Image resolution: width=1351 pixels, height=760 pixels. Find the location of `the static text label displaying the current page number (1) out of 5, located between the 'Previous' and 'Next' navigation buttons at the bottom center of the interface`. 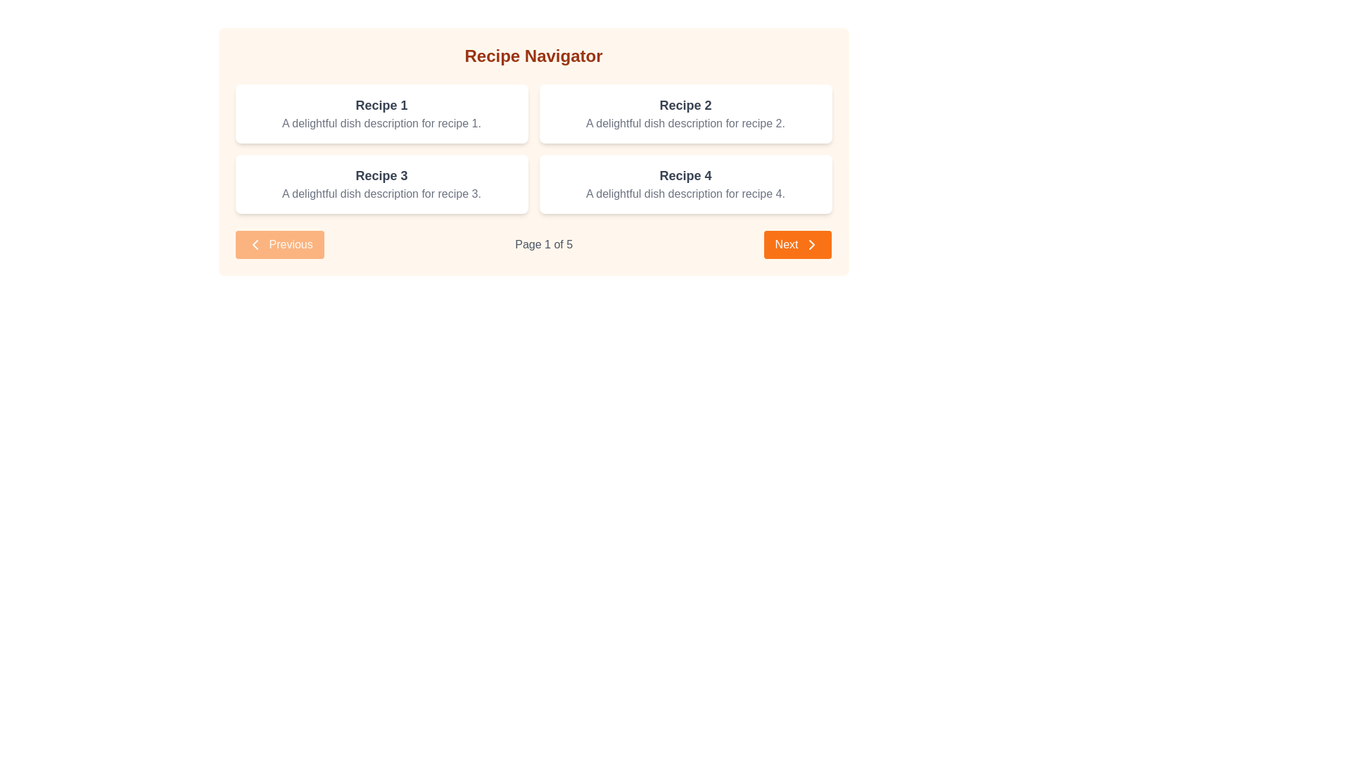

the static text label displaying the current page number (1) out of 5, located between the 'Previous' and 'Next' navigation buttons at the bottom center of the interface is located at coordinates (543, 243).